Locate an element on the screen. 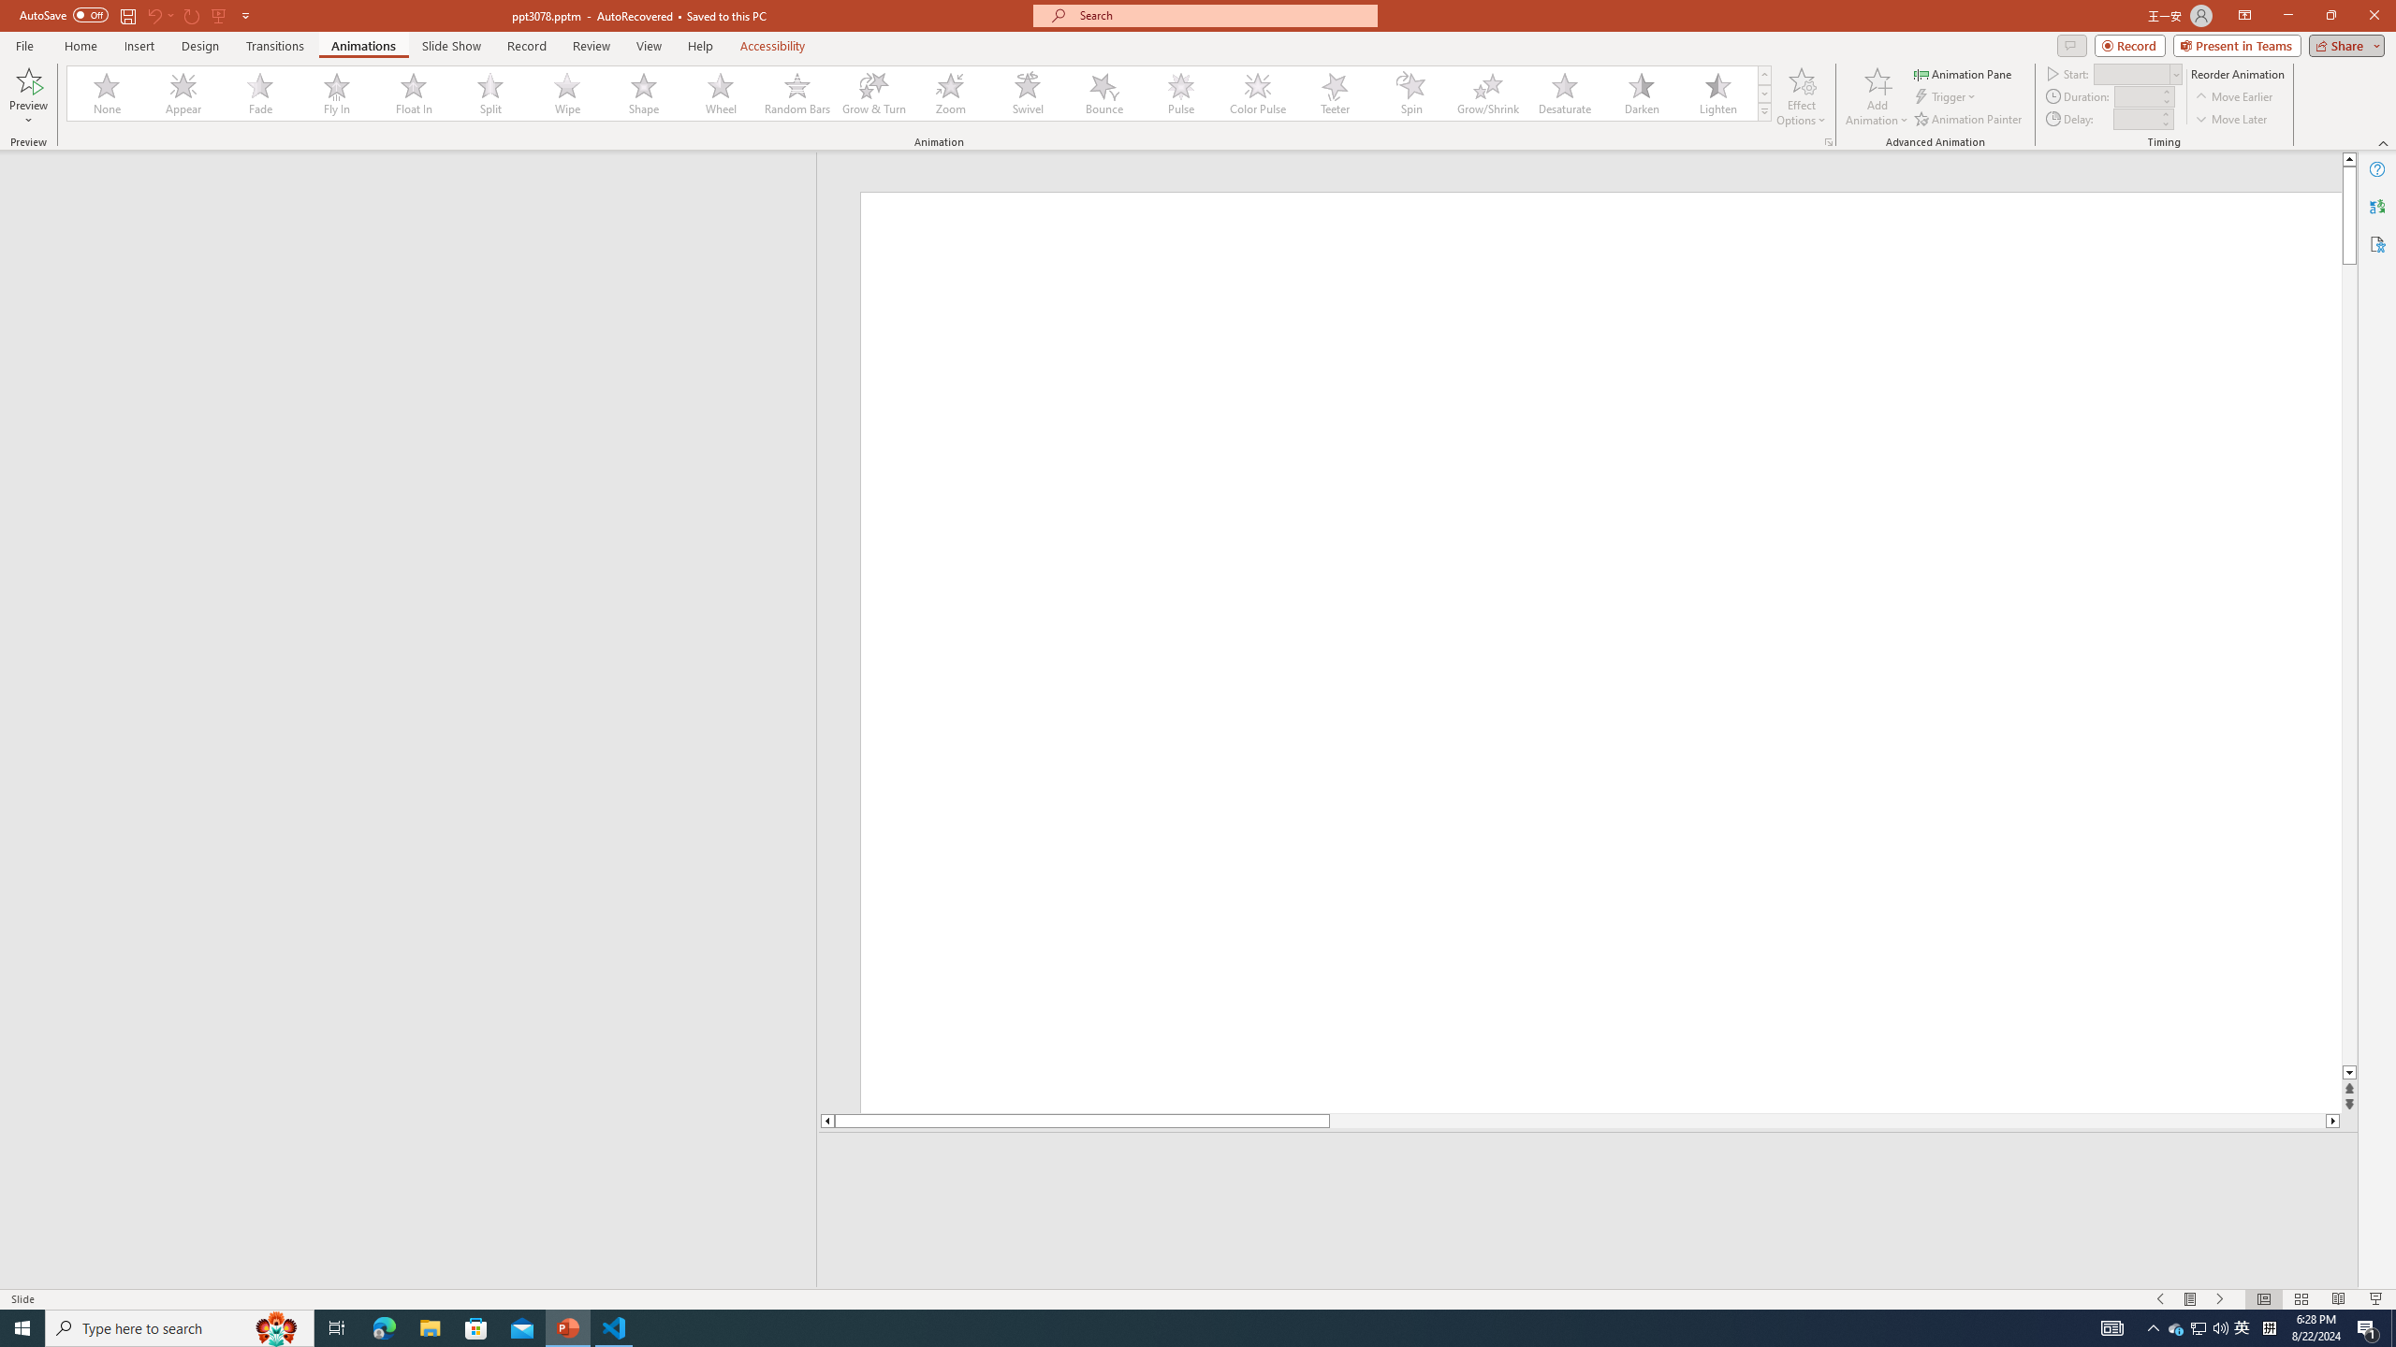 The width and height of the screenshot is (2396, 1347). 'Lighten' is located at coordinates (1717, 93).